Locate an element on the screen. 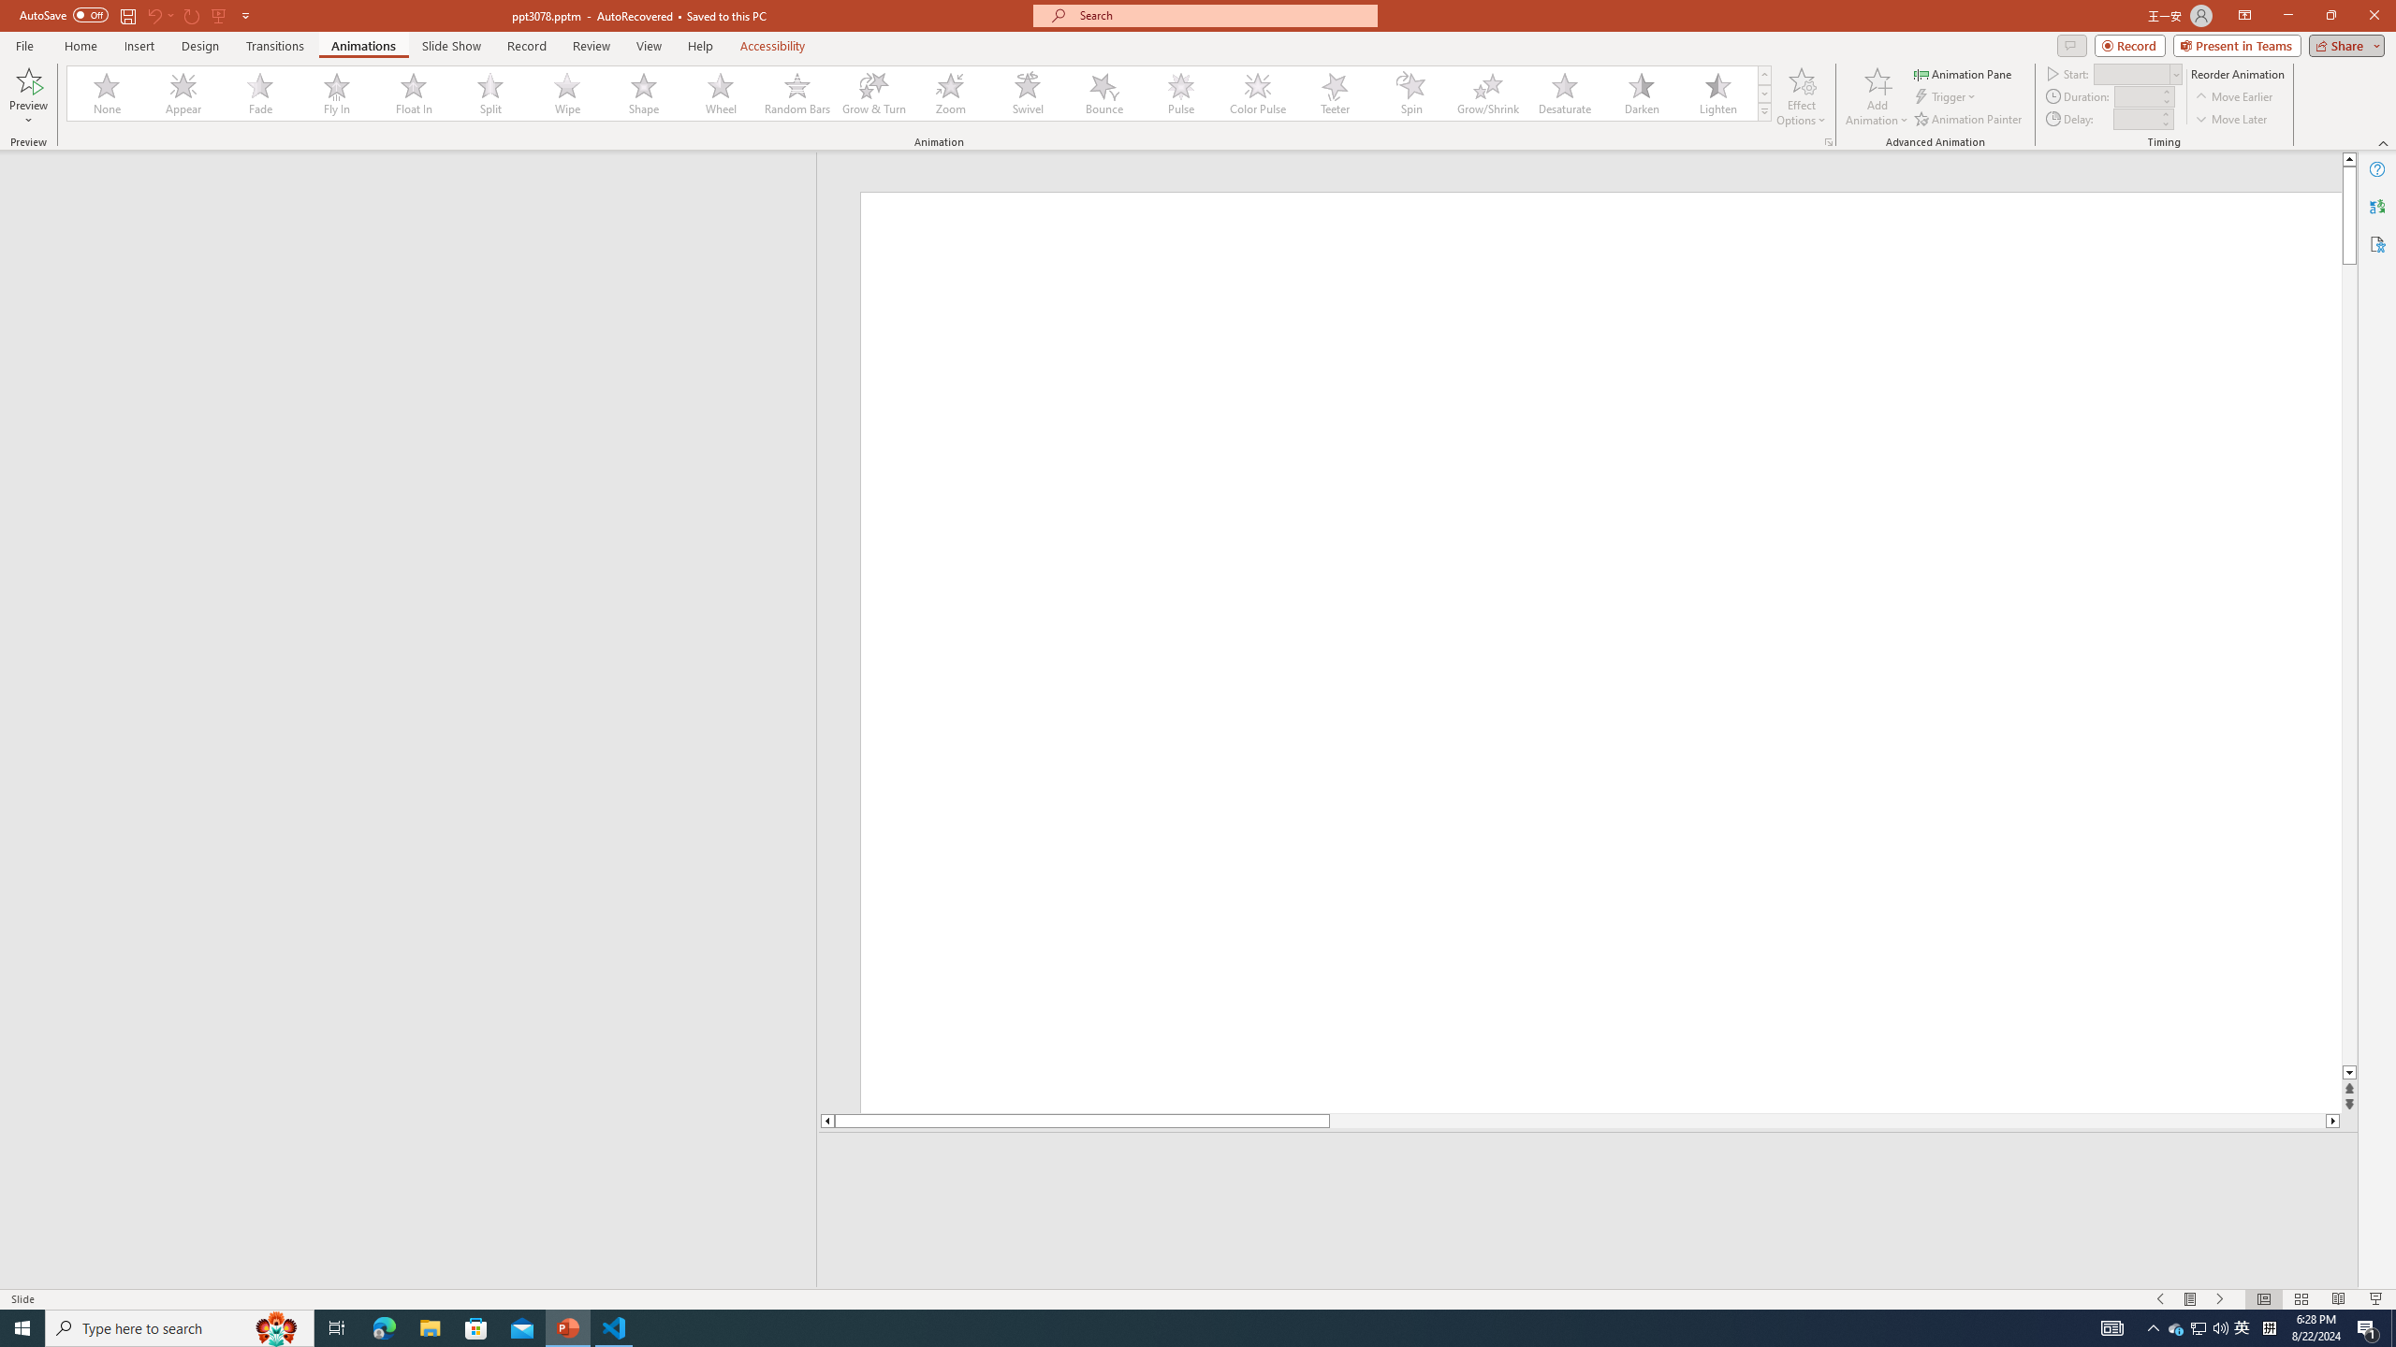 The width and height of the screenshot is (2396, 1347). 'Lighten' is located at coordinates (1717, 93).